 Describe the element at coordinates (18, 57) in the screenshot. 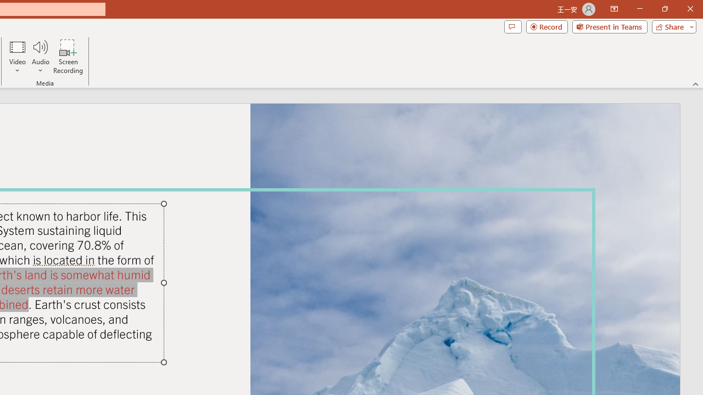

I see `'Video'` at that location.